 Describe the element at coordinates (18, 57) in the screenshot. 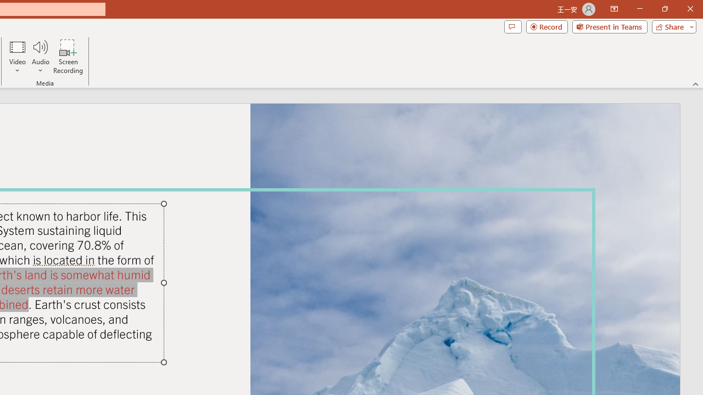

I see `'Video'` at that location.